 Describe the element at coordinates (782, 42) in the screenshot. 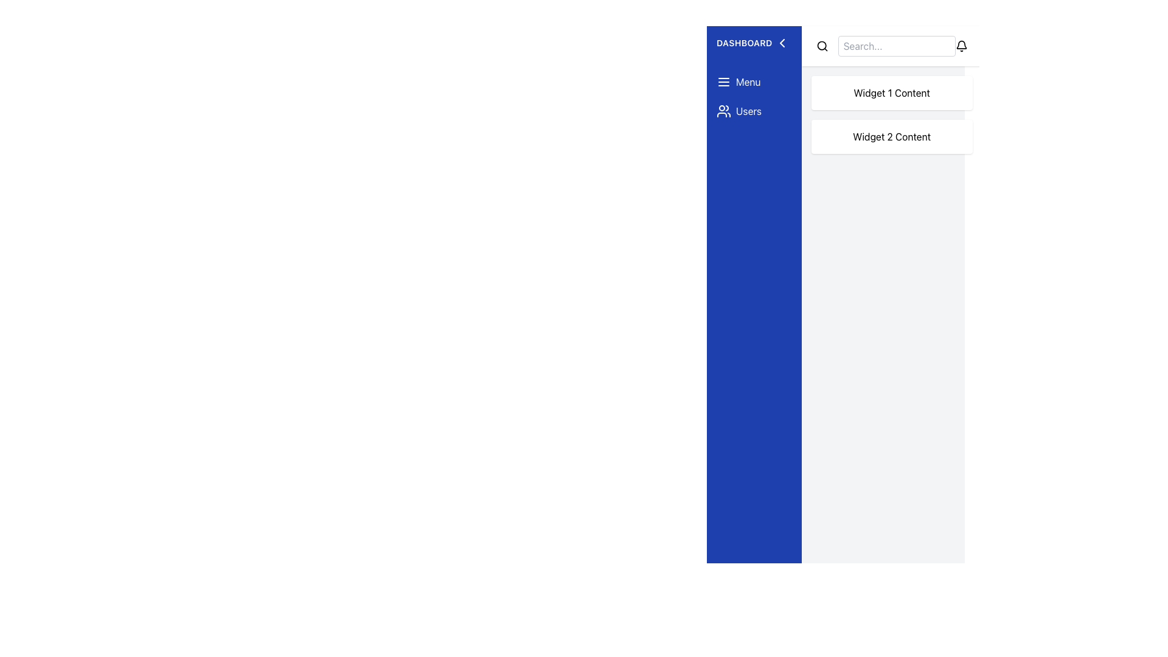

I see `the leftward-pointing chevron icon located at the end of the 'DASHBOARD' header in the blue sidebar` at that location.